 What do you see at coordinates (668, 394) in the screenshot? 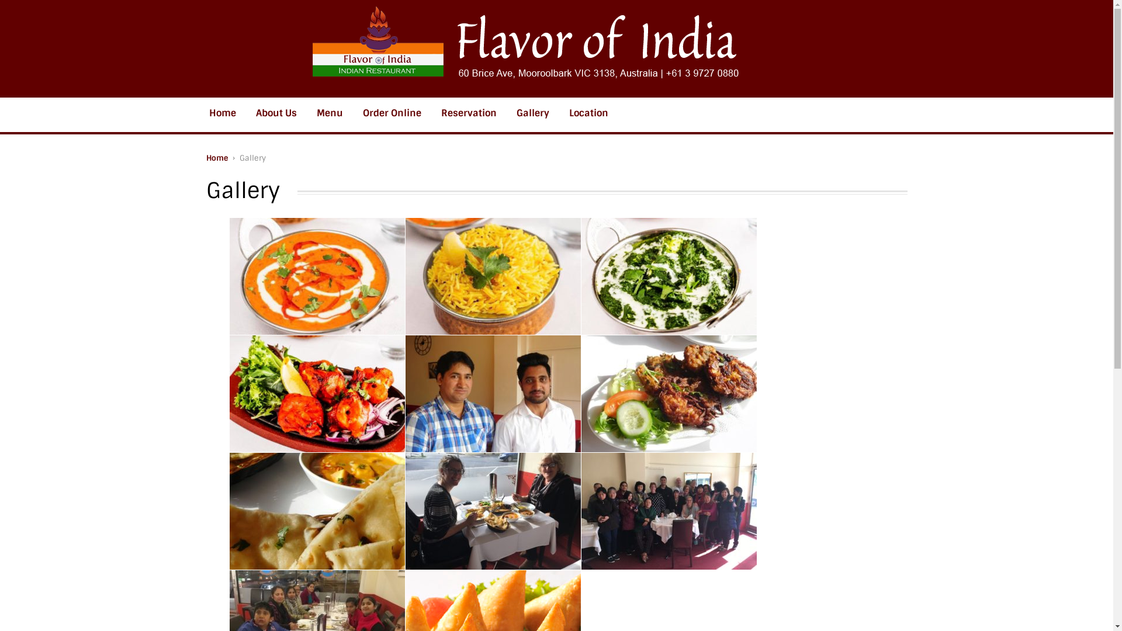
I see `'gal2'` at bounding box center [668, 394].